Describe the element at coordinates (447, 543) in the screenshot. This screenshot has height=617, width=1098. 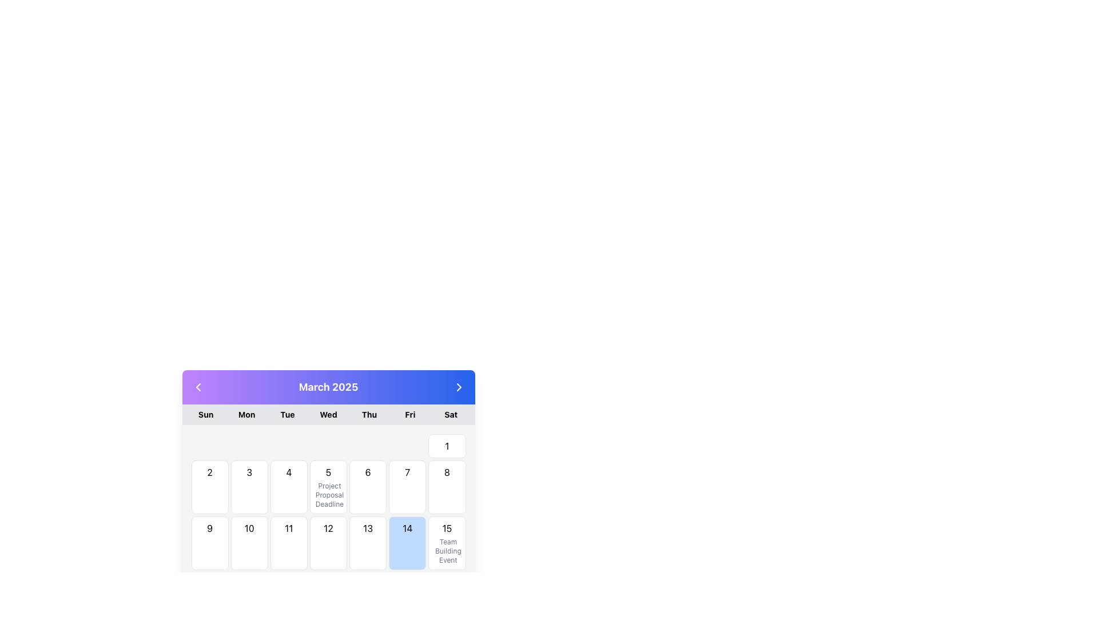
I see `the Day Cell in the Calendar representing the date '15', which includes the event 'Team Building Event', located in the fifth row and sixth column under 'Saturday'` at that location.